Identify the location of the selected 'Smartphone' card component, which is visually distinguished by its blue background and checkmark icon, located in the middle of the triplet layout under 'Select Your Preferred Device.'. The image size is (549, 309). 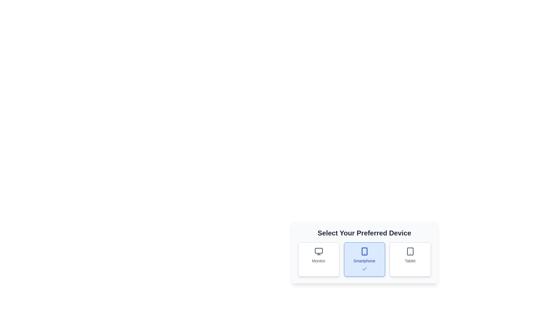
(364, 259).